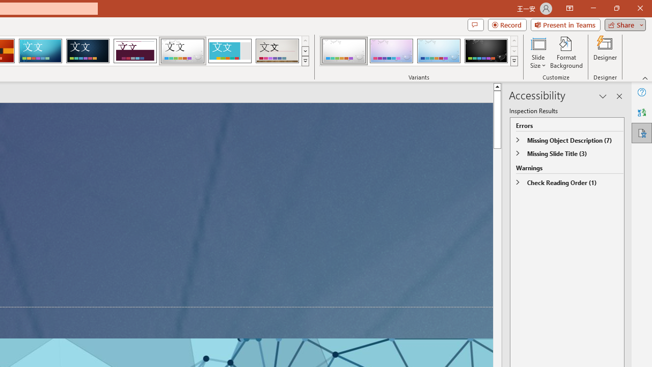 The height and width of the screenshot is (367, 652). Describe the element at coordinates (566, 53) in the screenshot. I see `'Format Background'` at that location.